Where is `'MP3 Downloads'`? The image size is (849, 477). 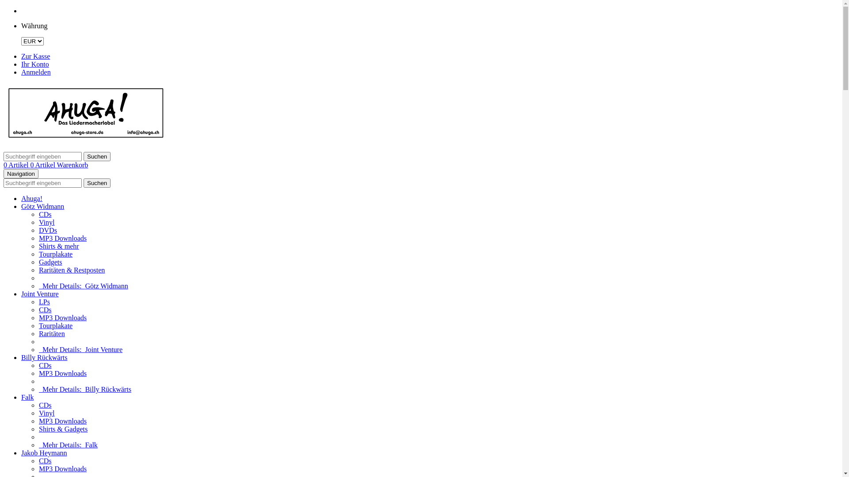 'MP3 Downloads' is located at coordinates (38, 238).